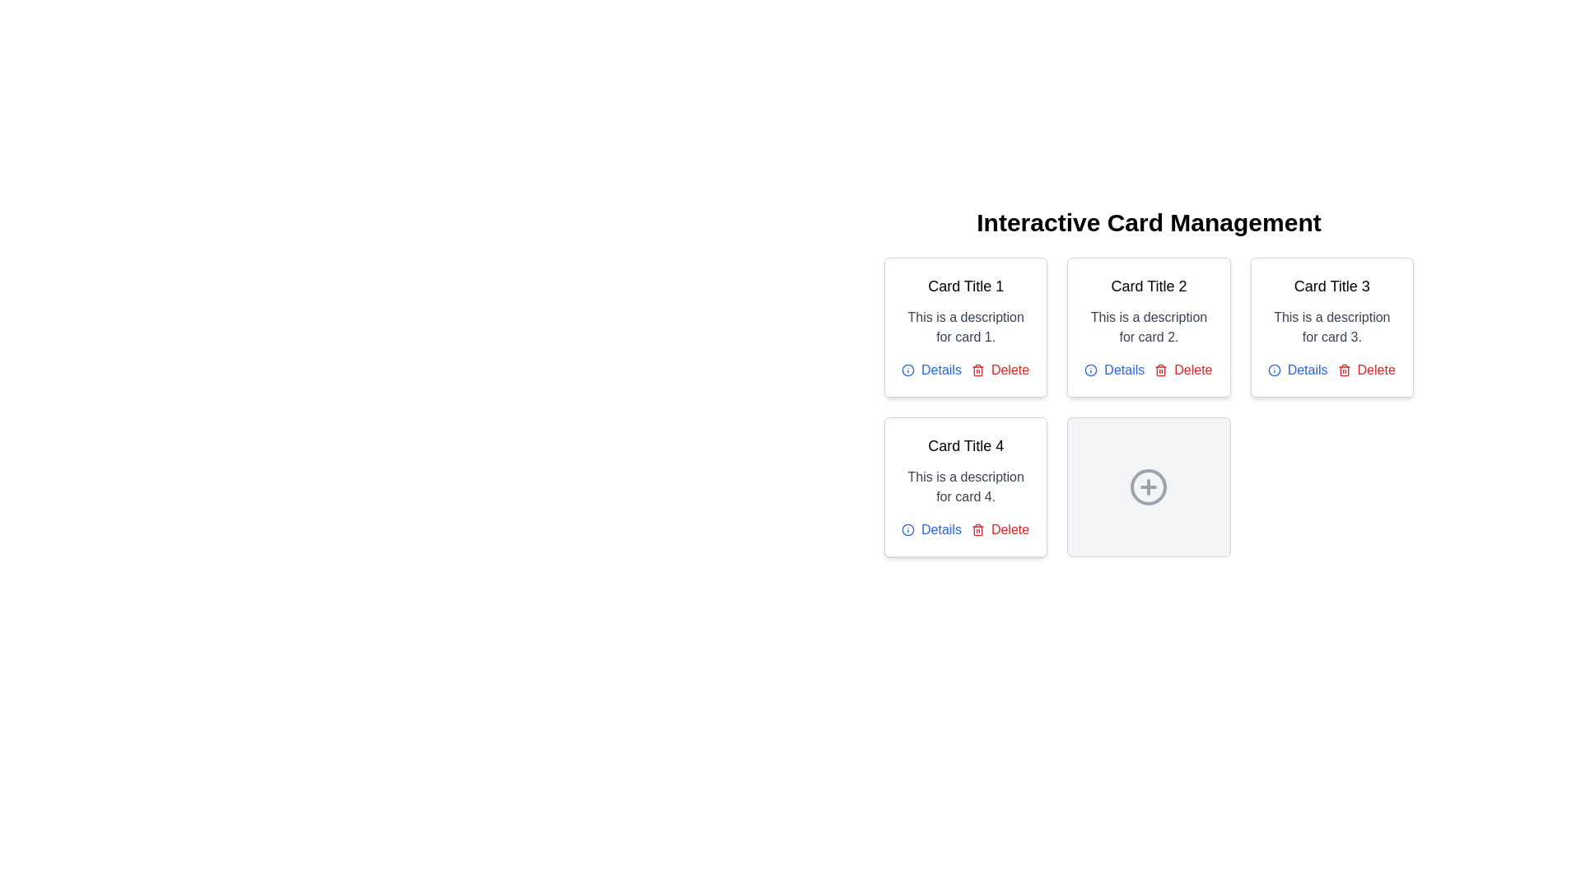 This screenshot has width=1581, height=889. Describe the element at coordinates (1148, 222) in the screenshot. I see `prominent header text 'Interactive Card Management' located at the top center of the interface` at that location.